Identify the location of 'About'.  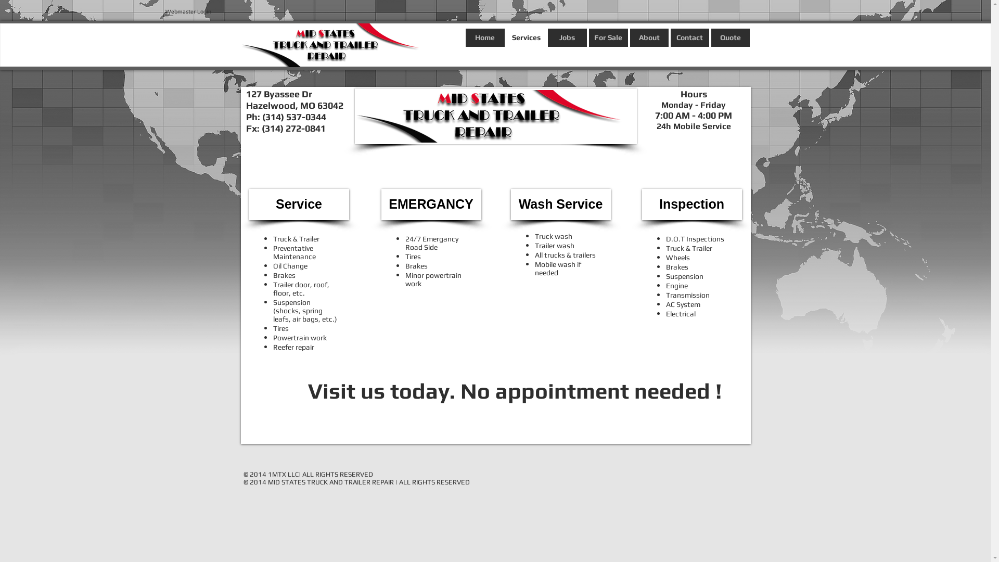
(648, 37).